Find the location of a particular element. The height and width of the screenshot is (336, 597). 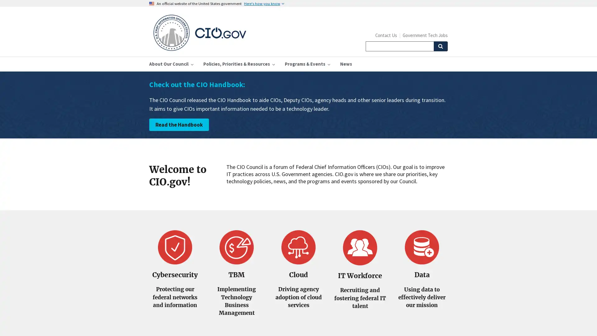

Policies, Priorities & Resources is located at coordinates (238, 64).